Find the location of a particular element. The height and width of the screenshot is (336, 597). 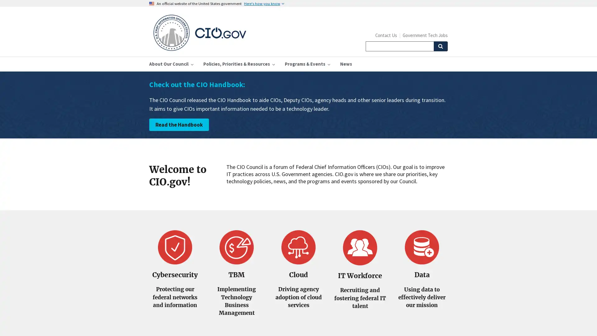

Policies, Priorities & Resources is located at coordinates (238, 64).